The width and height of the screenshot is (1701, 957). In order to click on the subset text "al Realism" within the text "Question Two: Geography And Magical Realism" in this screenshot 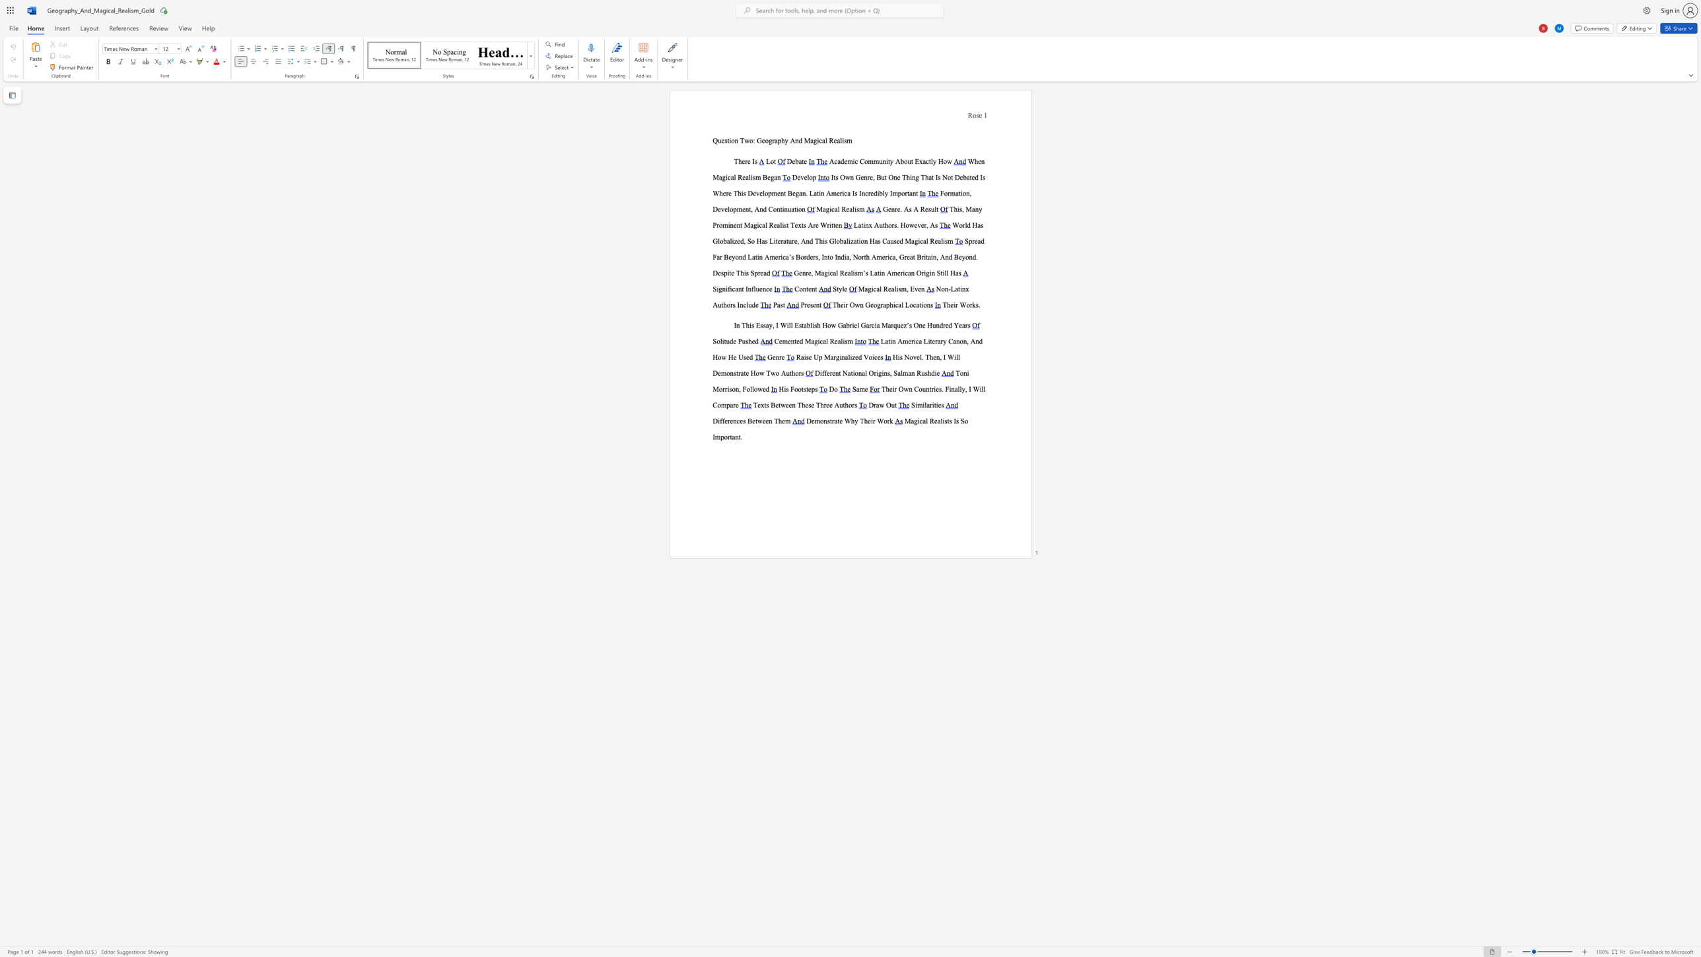, I will do `click(821, 141)`.